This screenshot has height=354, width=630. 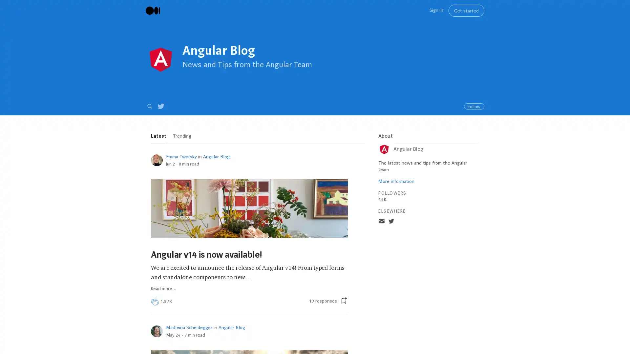 I want to click on Follow, so click(x=474, y=106).